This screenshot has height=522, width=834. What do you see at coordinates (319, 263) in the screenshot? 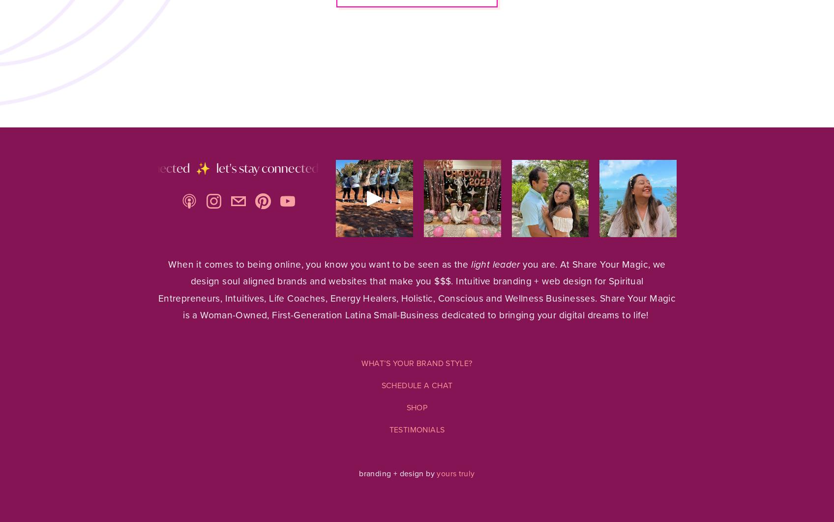
I see `'When it comes to being online, you know you want to be seen as the'` at bounding box center [319, 263].